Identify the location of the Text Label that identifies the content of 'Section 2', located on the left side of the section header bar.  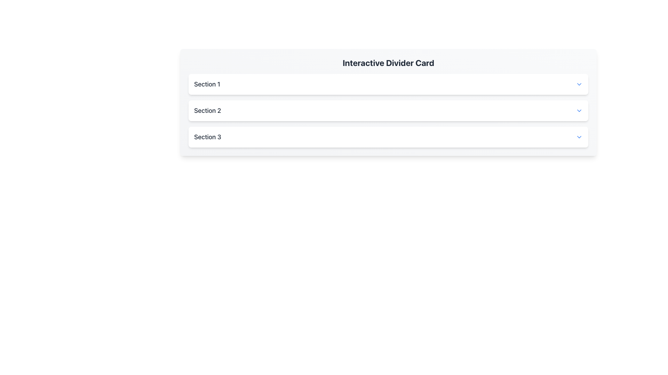
(207, 110).